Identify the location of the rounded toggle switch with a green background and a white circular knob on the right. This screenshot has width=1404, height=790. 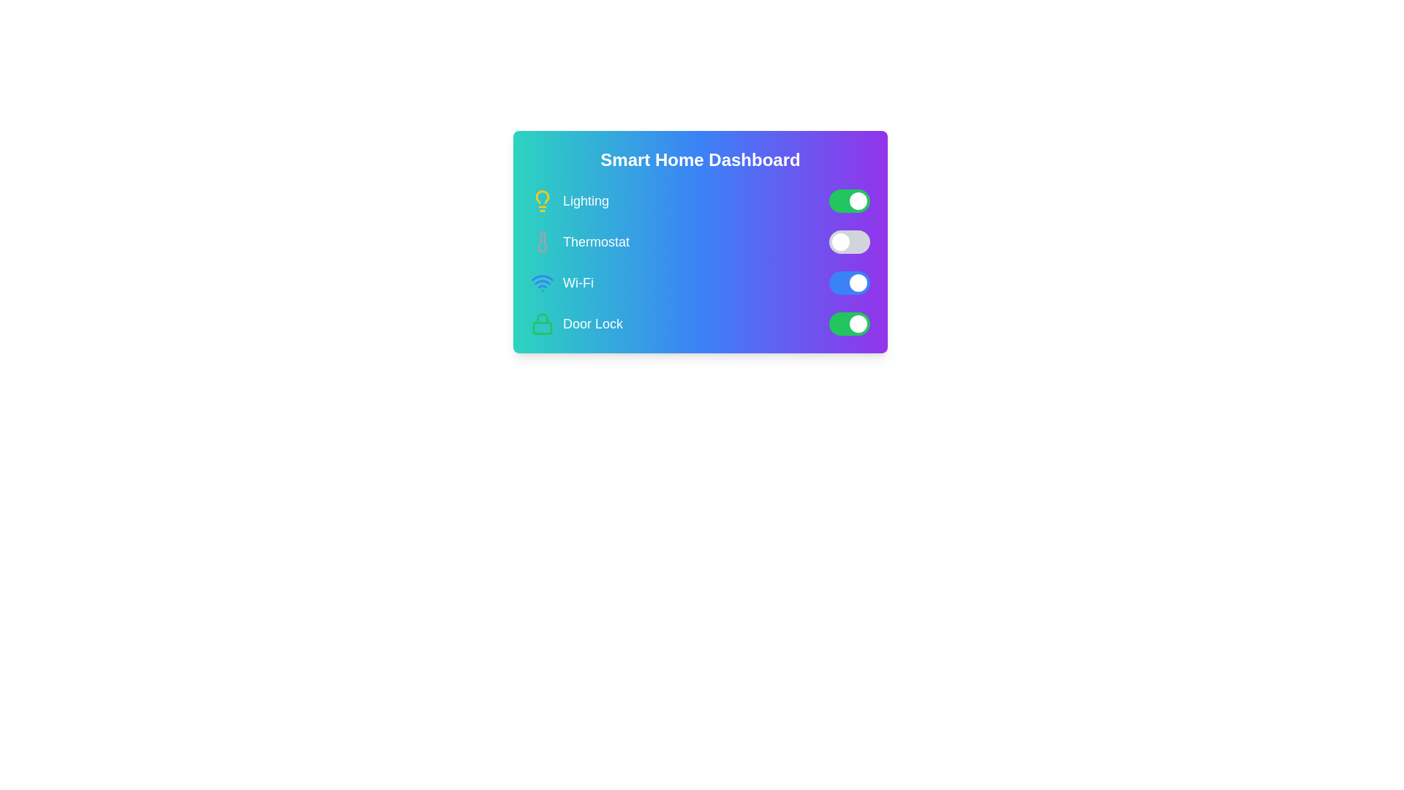
(849, 200).